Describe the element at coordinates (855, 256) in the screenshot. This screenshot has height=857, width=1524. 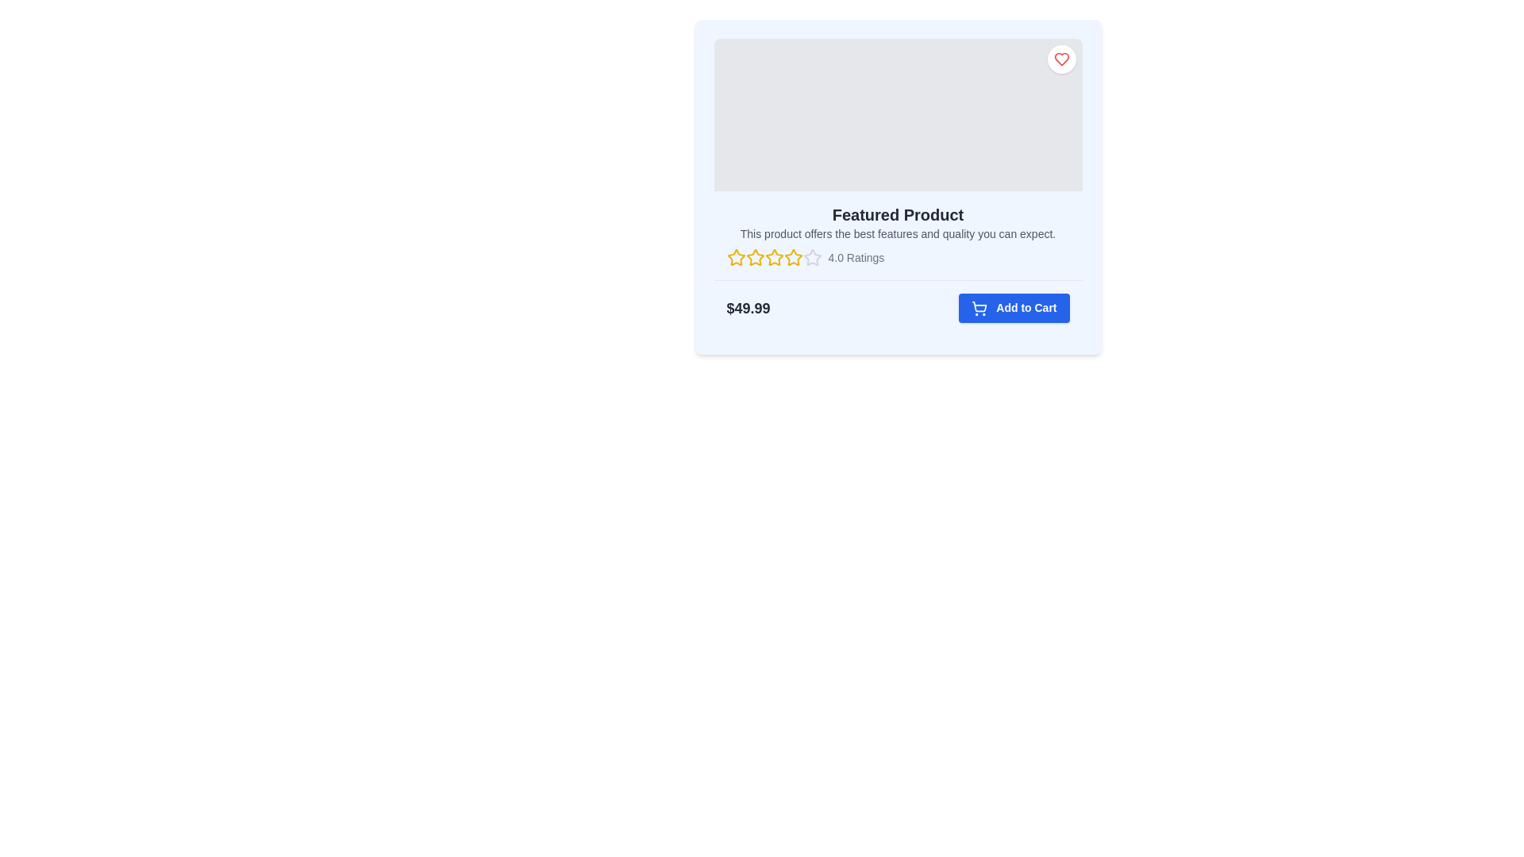
I see `the text label displaying the average product rating located to the right of the rating stars in the 'Featured Product' card for additional details` at that location.